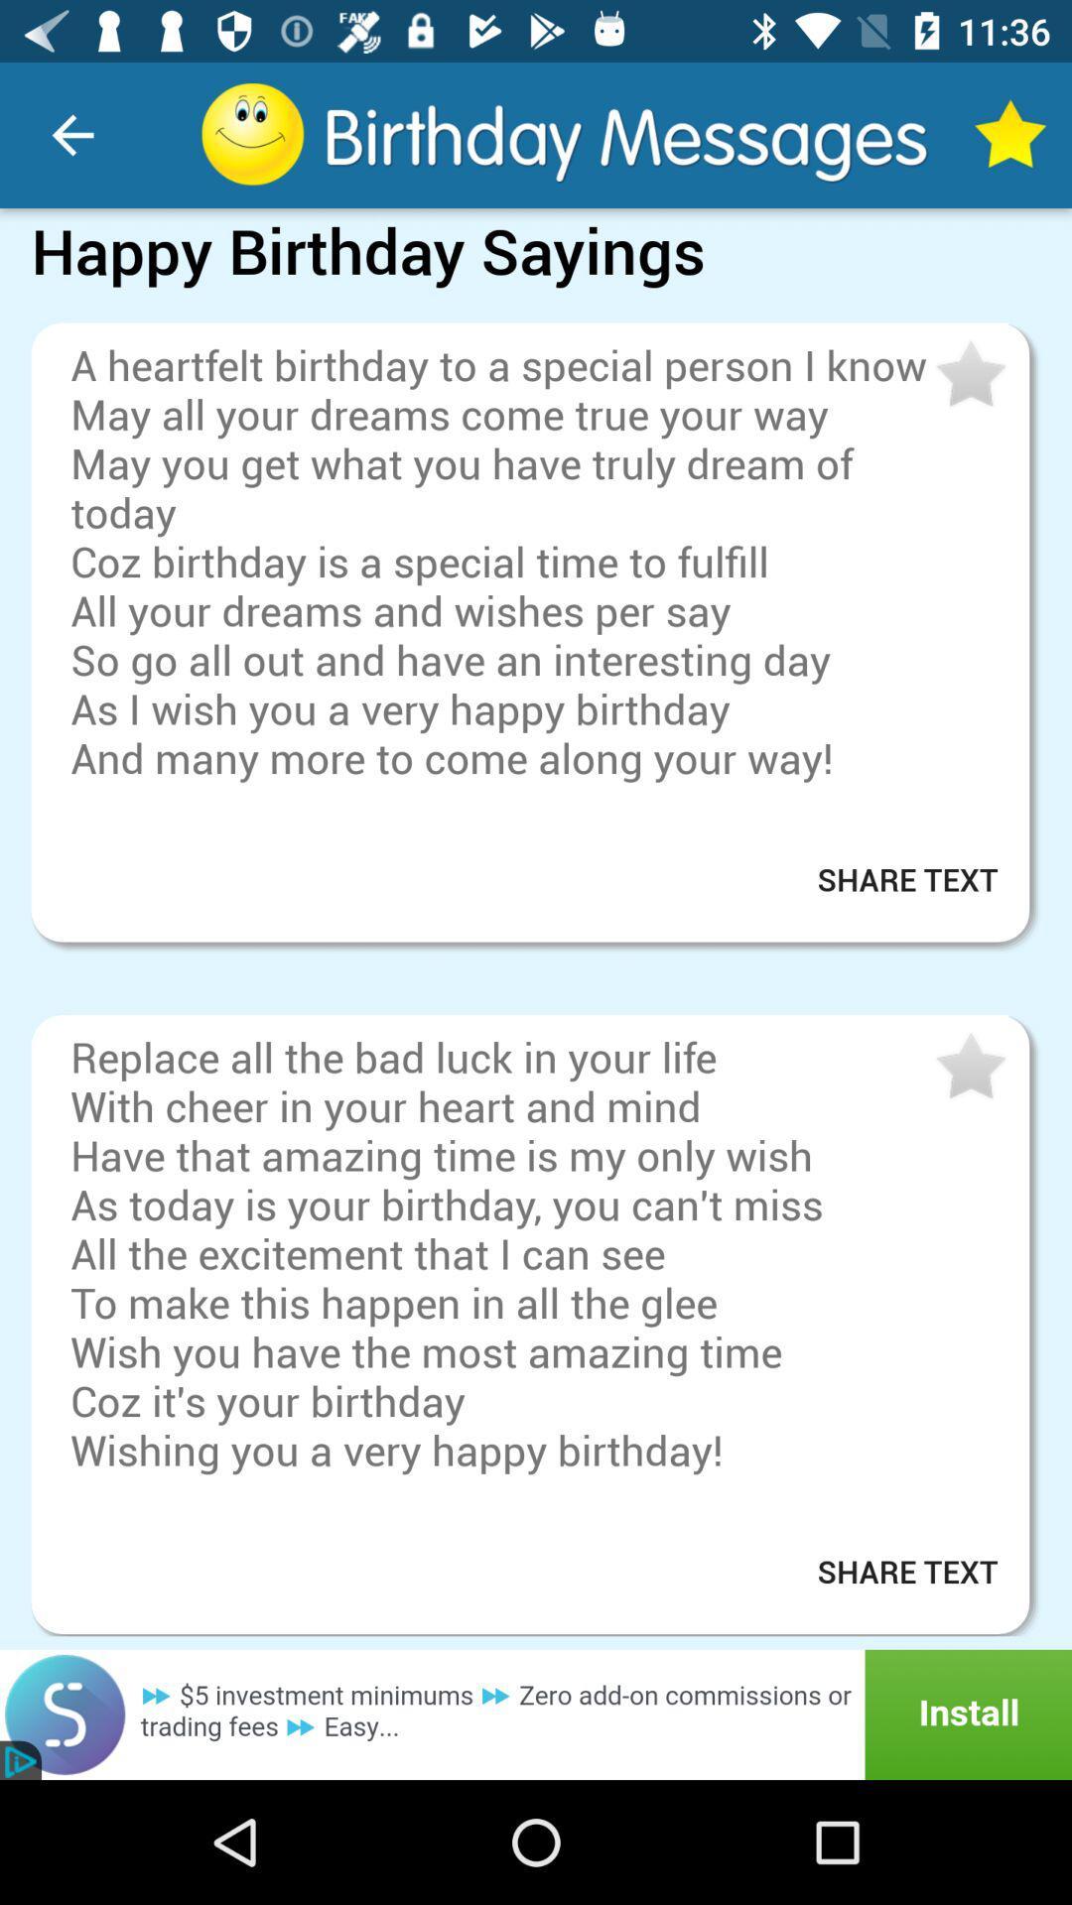 This screenshot has width=1072, height=1905. I want to click on this one, so click(968, 1066).